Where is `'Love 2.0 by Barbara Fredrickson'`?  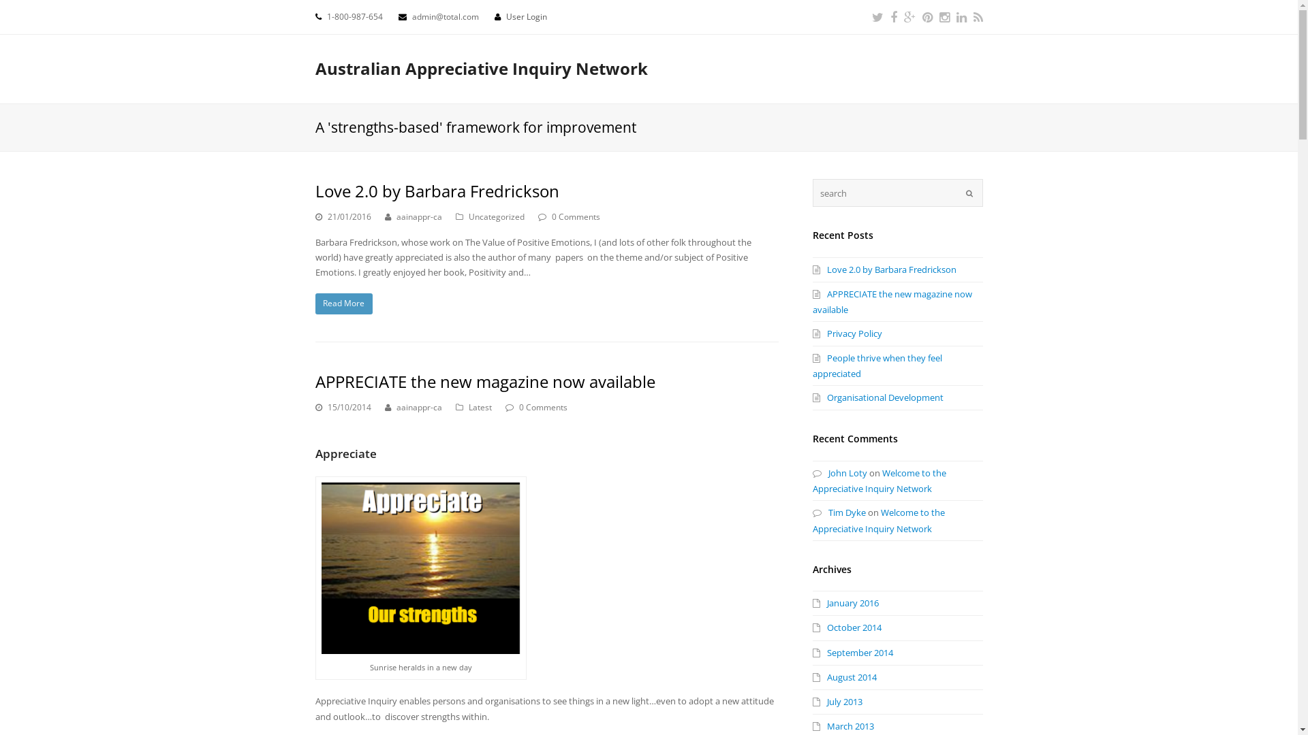
'Love 2.0 by Barbara Fredrickson' is located at coordinates (884, 269).